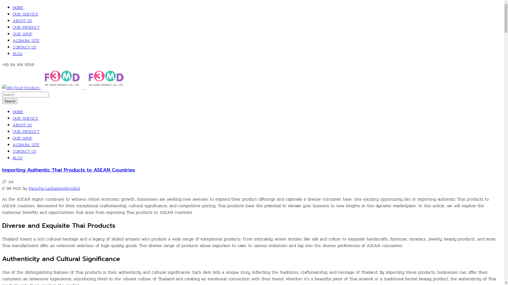  I want to click on 'ALIBABA SITE', so click(26, 145).